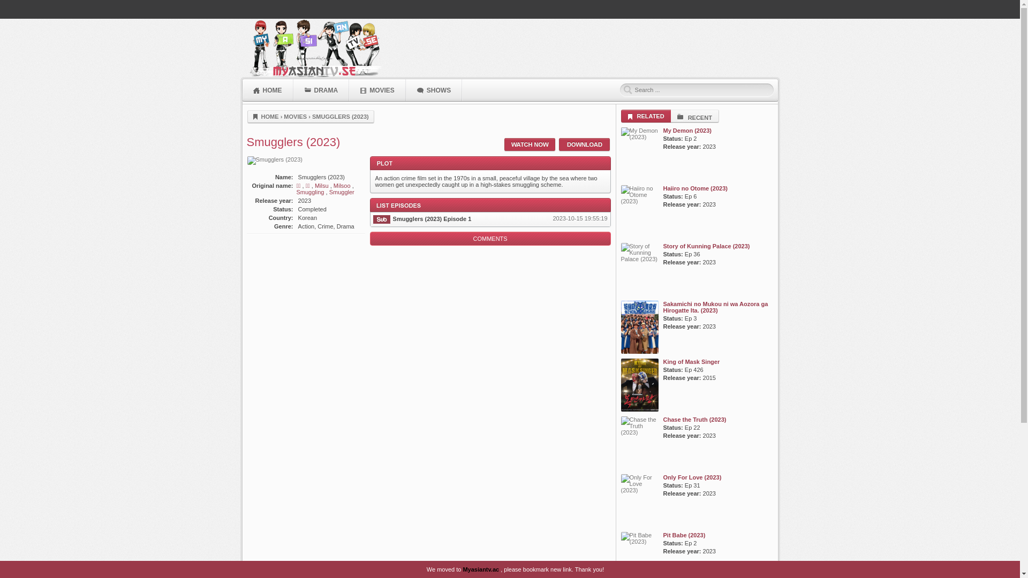 The width and height of the screenshot is (1028, 578). What do you see at coordinates (323, 185) in the screenshot?
I see `'Milsu'` at bounding box center [323, 185].